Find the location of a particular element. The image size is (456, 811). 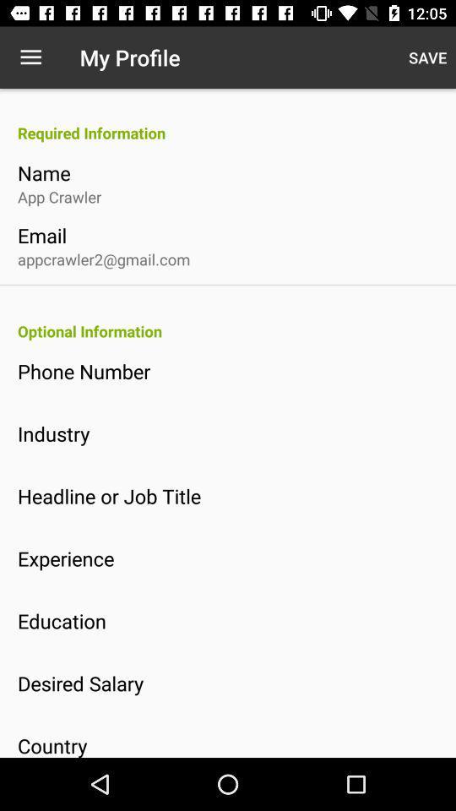

icon above the required information item is located at coordinates (426, 57).